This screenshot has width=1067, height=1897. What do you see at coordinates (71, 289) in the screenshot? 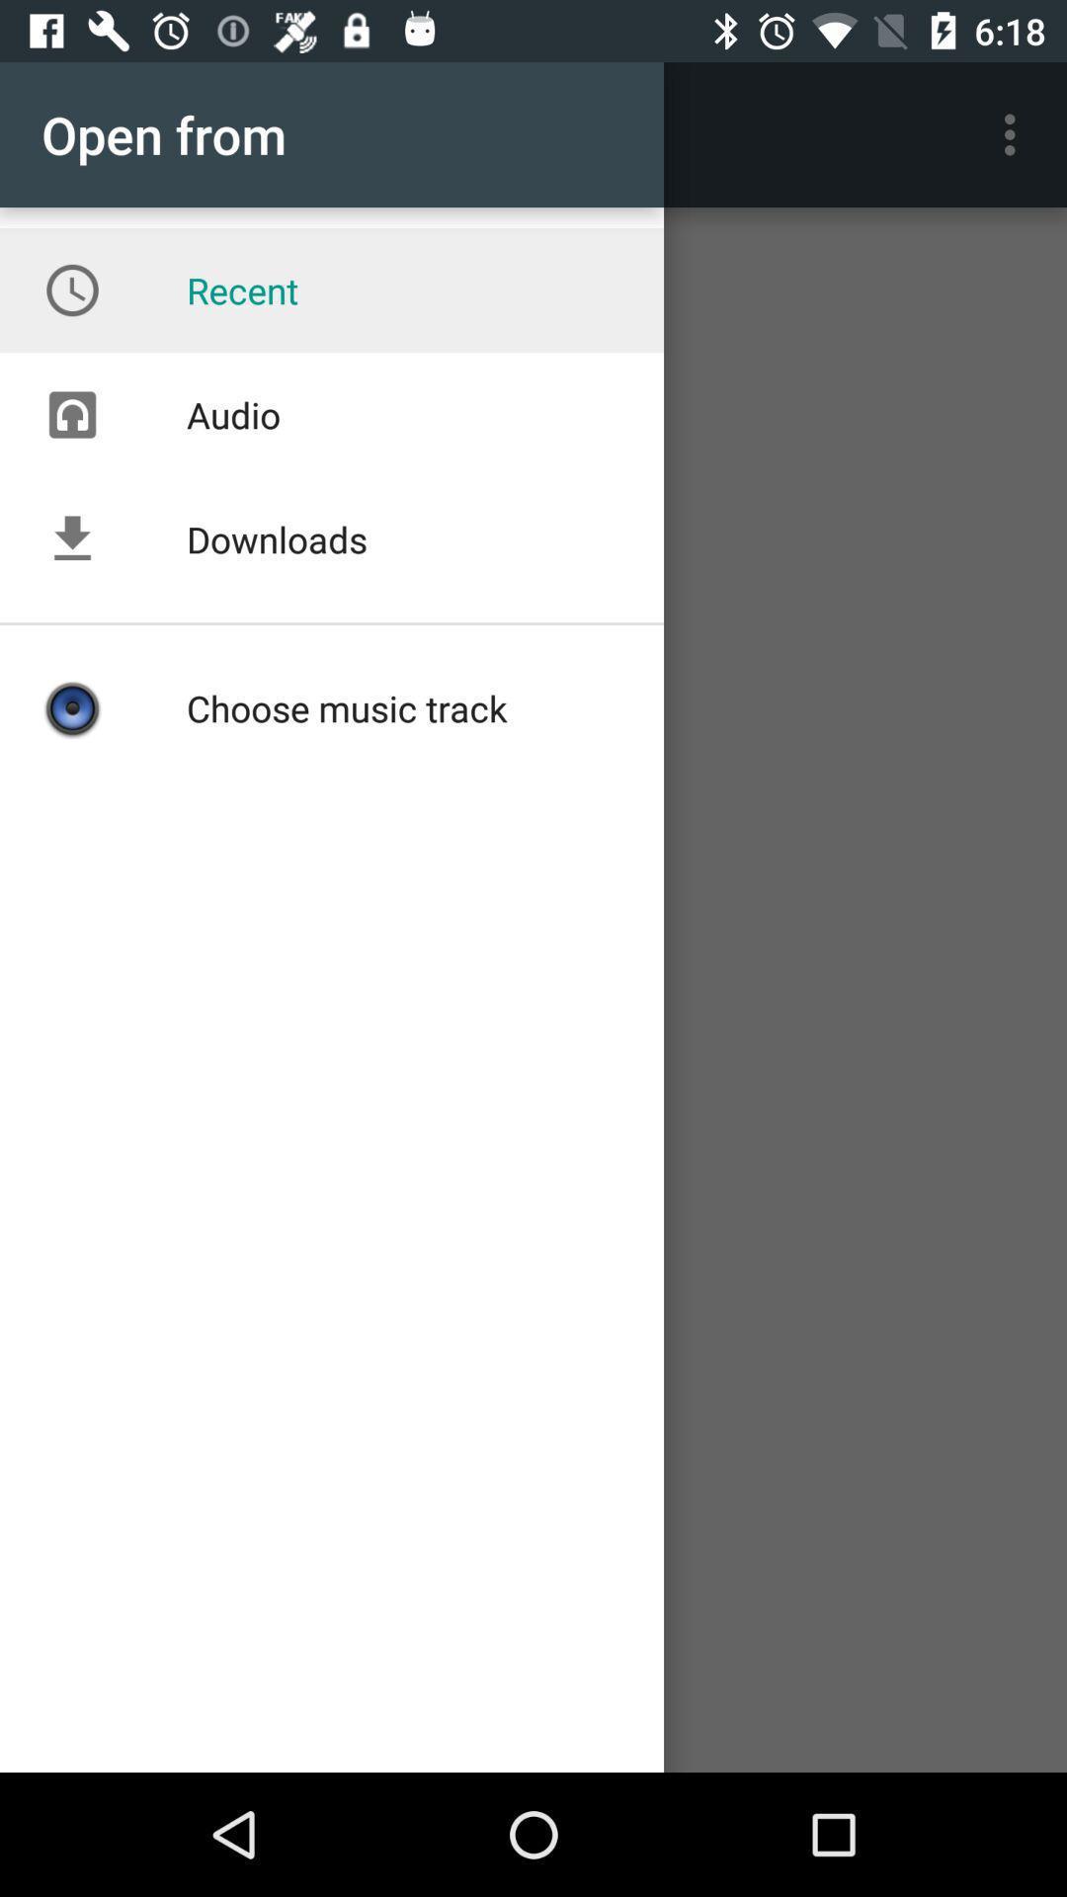
I see `the symbol which is to the immediate left of recent` at bounding box center [71, 289].